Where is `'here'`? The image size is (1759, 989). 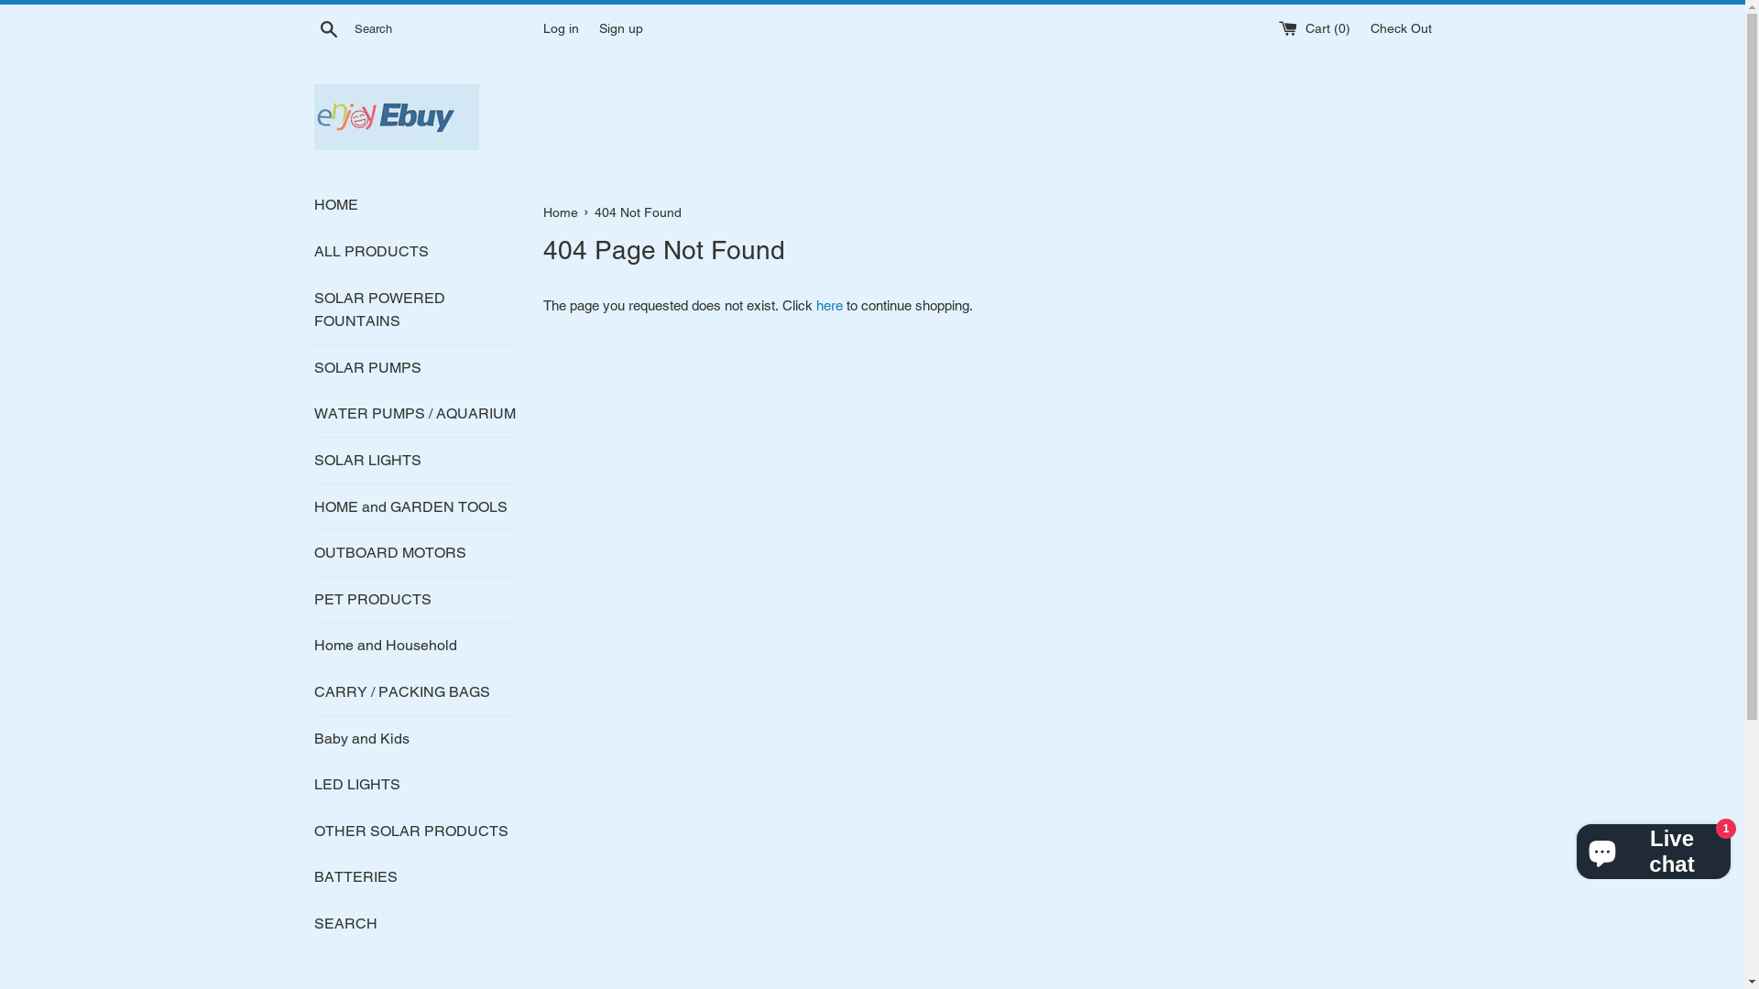
'here' is located at coordinates (827, 304).